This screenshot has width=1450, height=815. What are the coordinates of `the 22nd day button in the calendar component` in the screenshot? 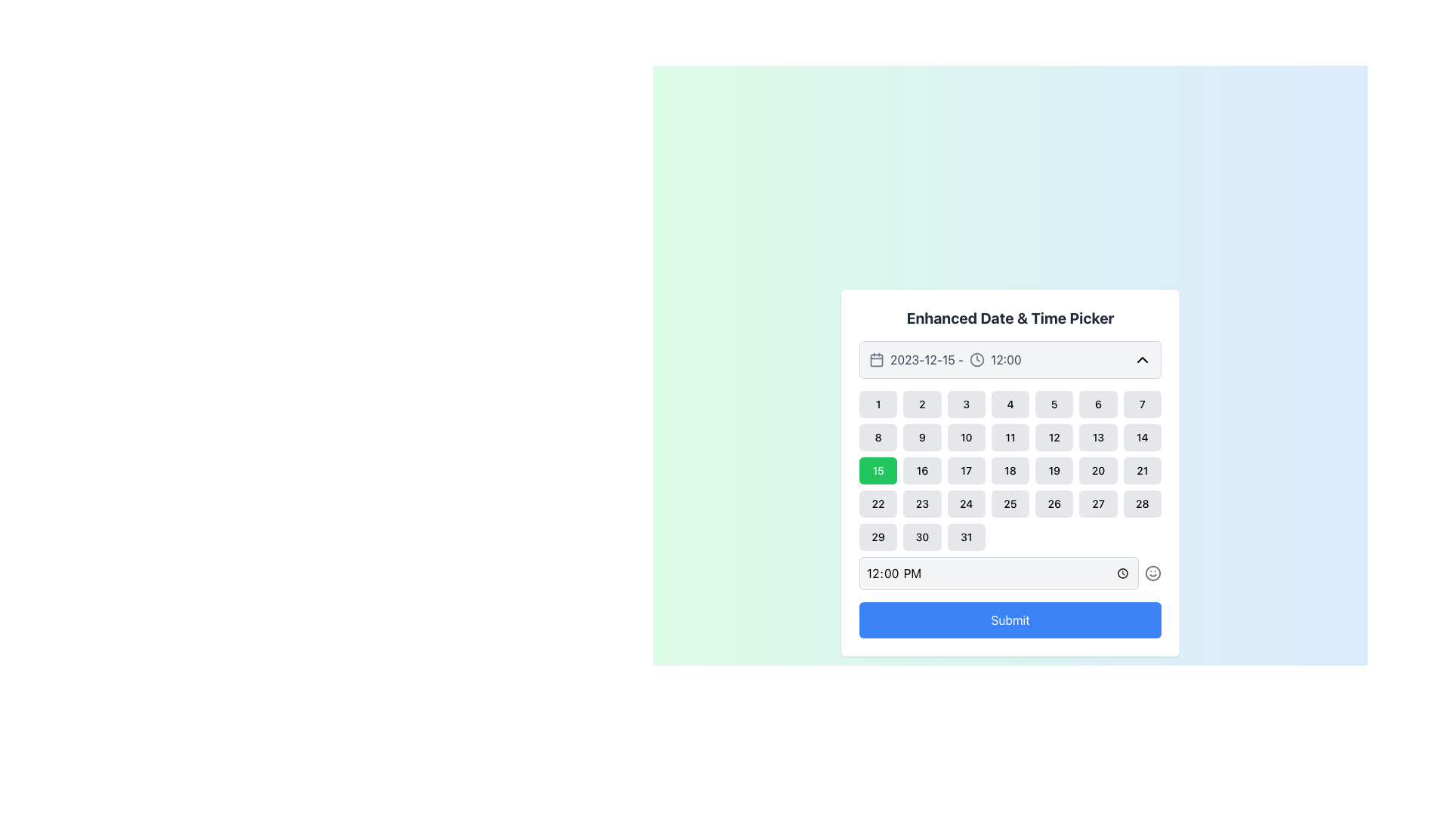 It's located at (878, 503).